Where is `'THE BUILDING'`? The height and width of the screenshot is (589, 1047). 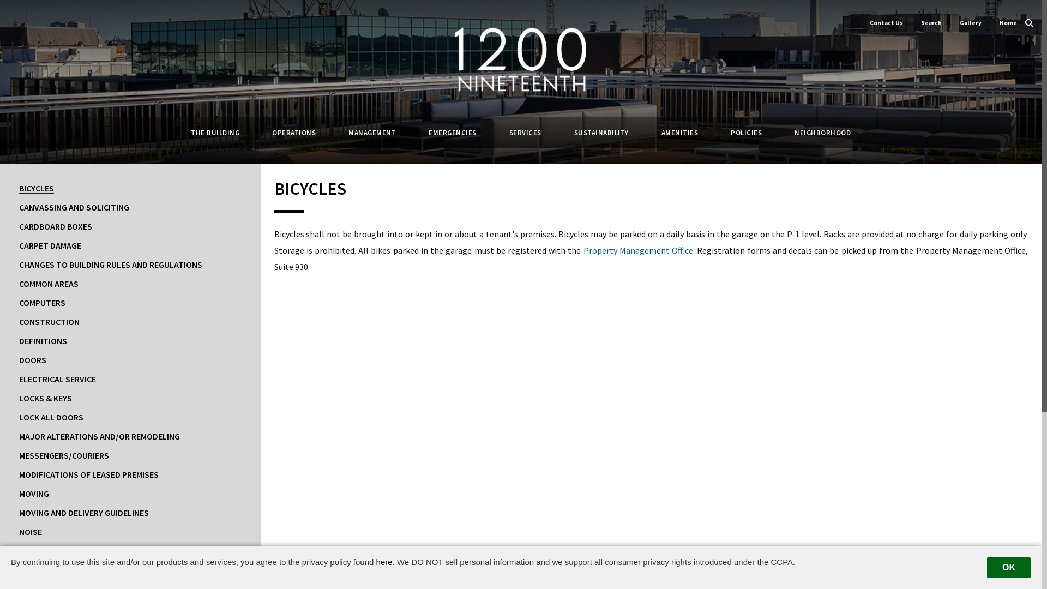
'THE BUILDING' is located at coordinates (215, 132).